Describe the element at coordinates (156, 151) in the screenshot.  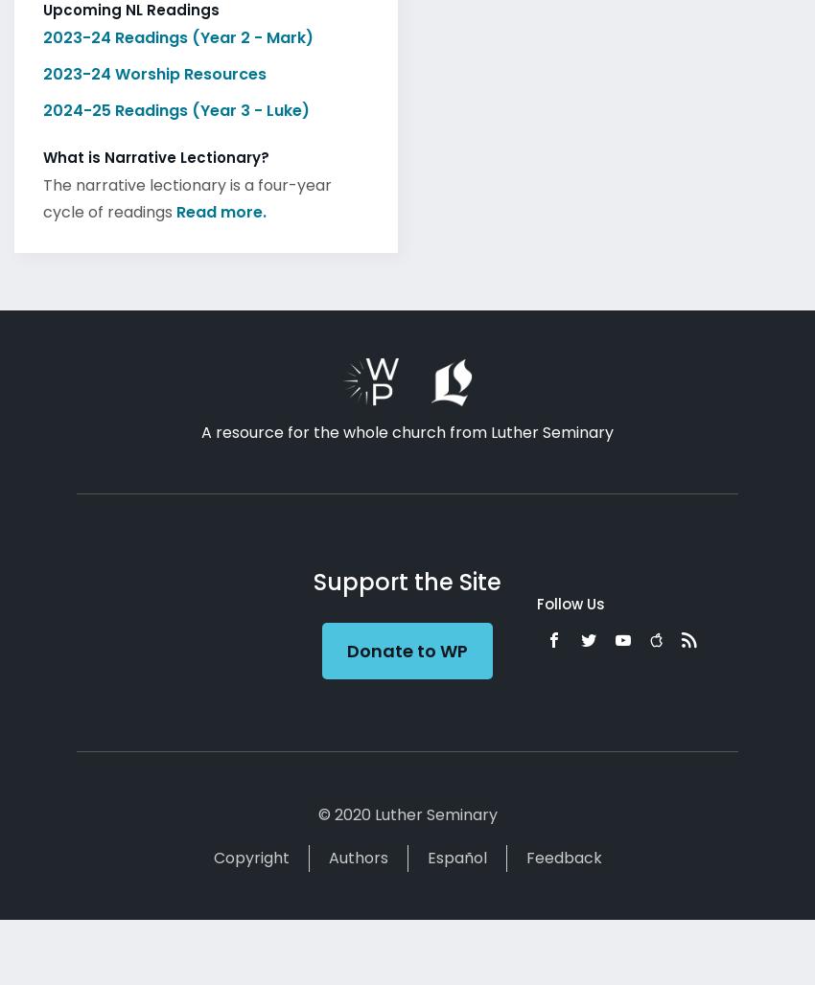
I see `'What is Narrative Lectionary?'` at that location.